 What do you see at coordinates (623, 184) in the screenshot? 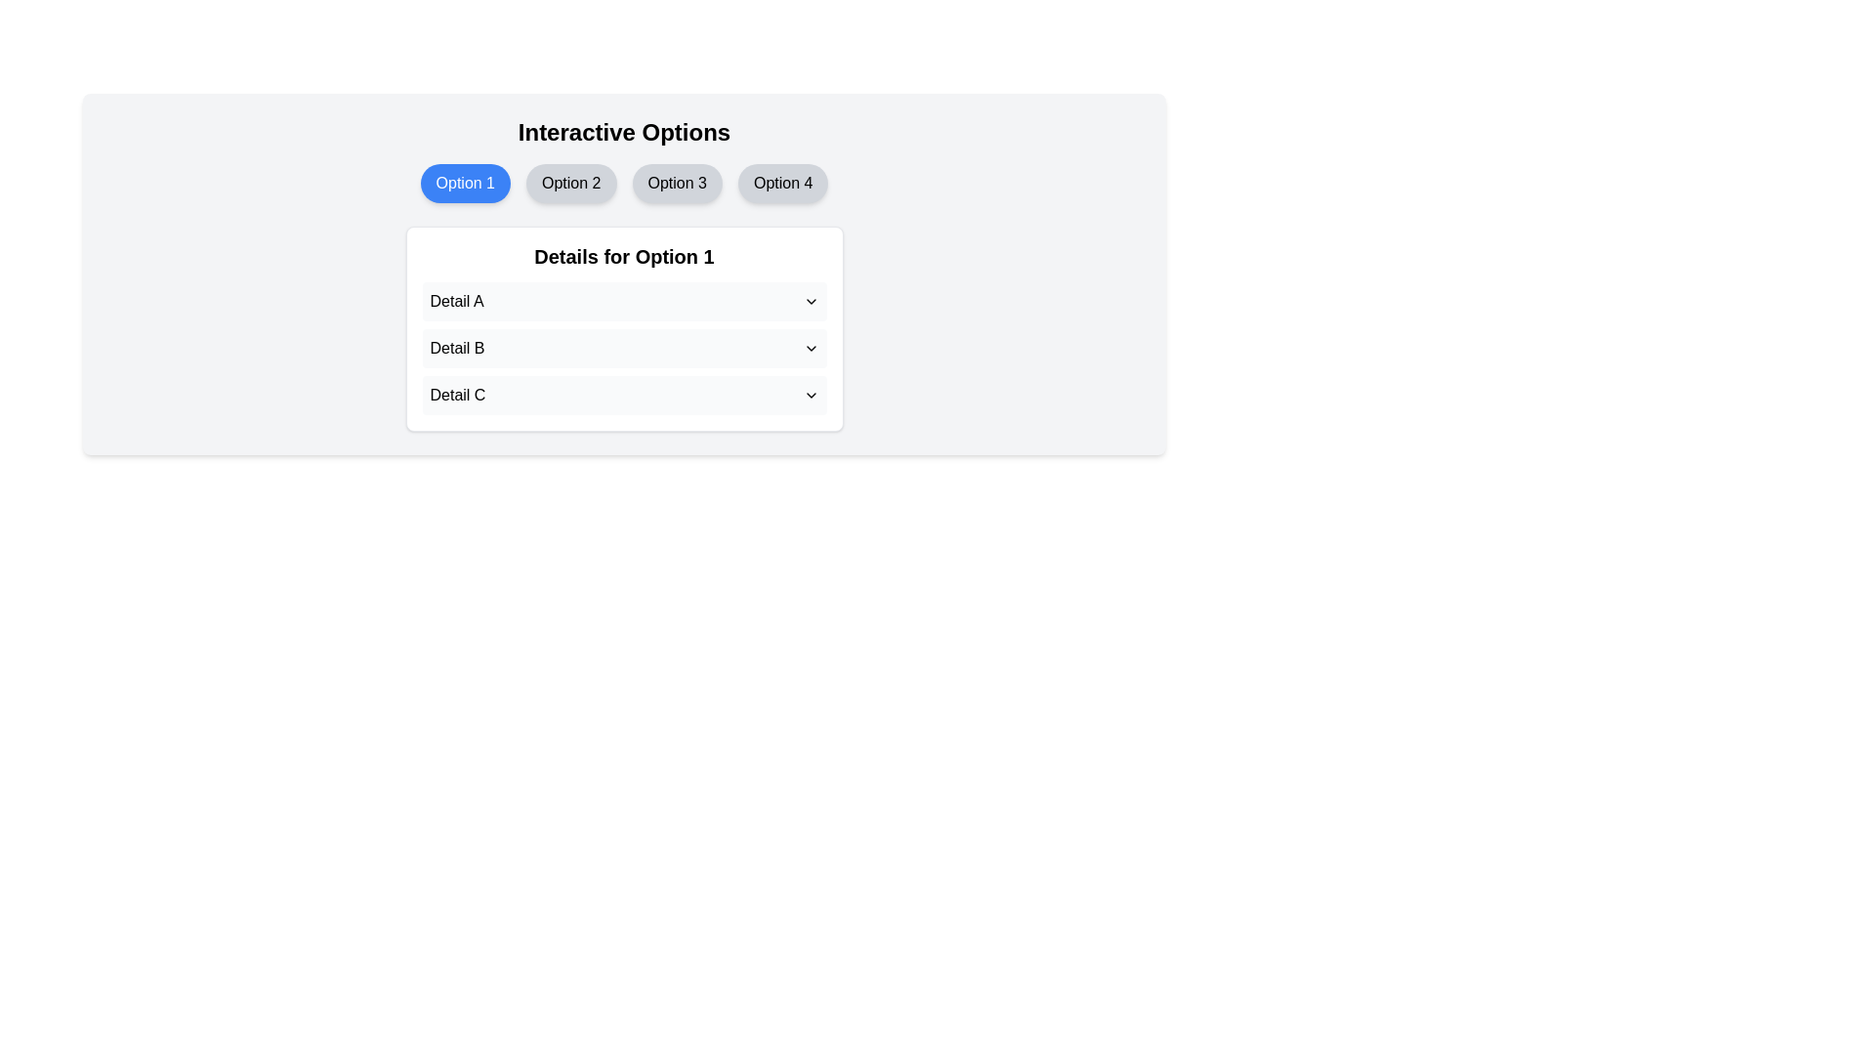
I see `the button group element consisting of four buttons labeled 'Option 1', 'Option 2', 'Option 3', and 'Option 4'` at bounding box center [623, 184].